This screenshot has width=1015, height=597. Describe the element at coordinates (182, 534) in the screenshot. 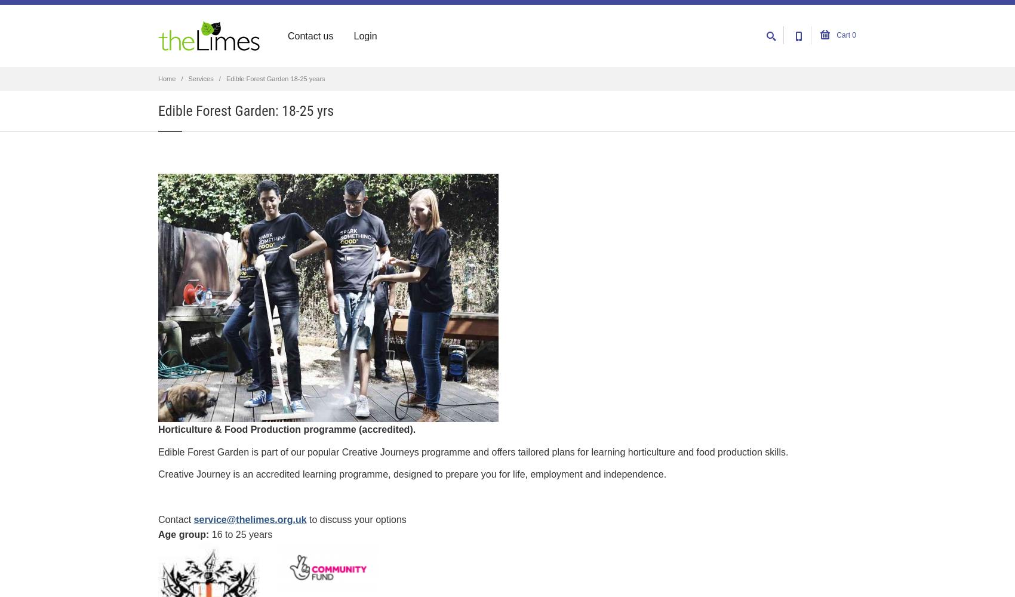

I see `'Age group'` at that location.